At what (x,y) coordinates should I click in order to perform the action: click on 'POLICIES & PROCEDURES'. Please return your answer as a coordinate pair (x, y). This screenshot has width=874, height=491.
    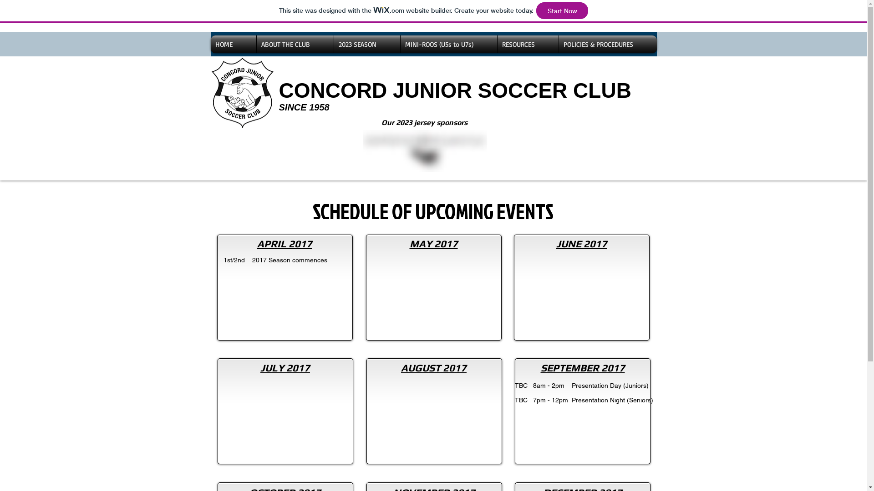
    Looking at the image, I should click on (608, 44).